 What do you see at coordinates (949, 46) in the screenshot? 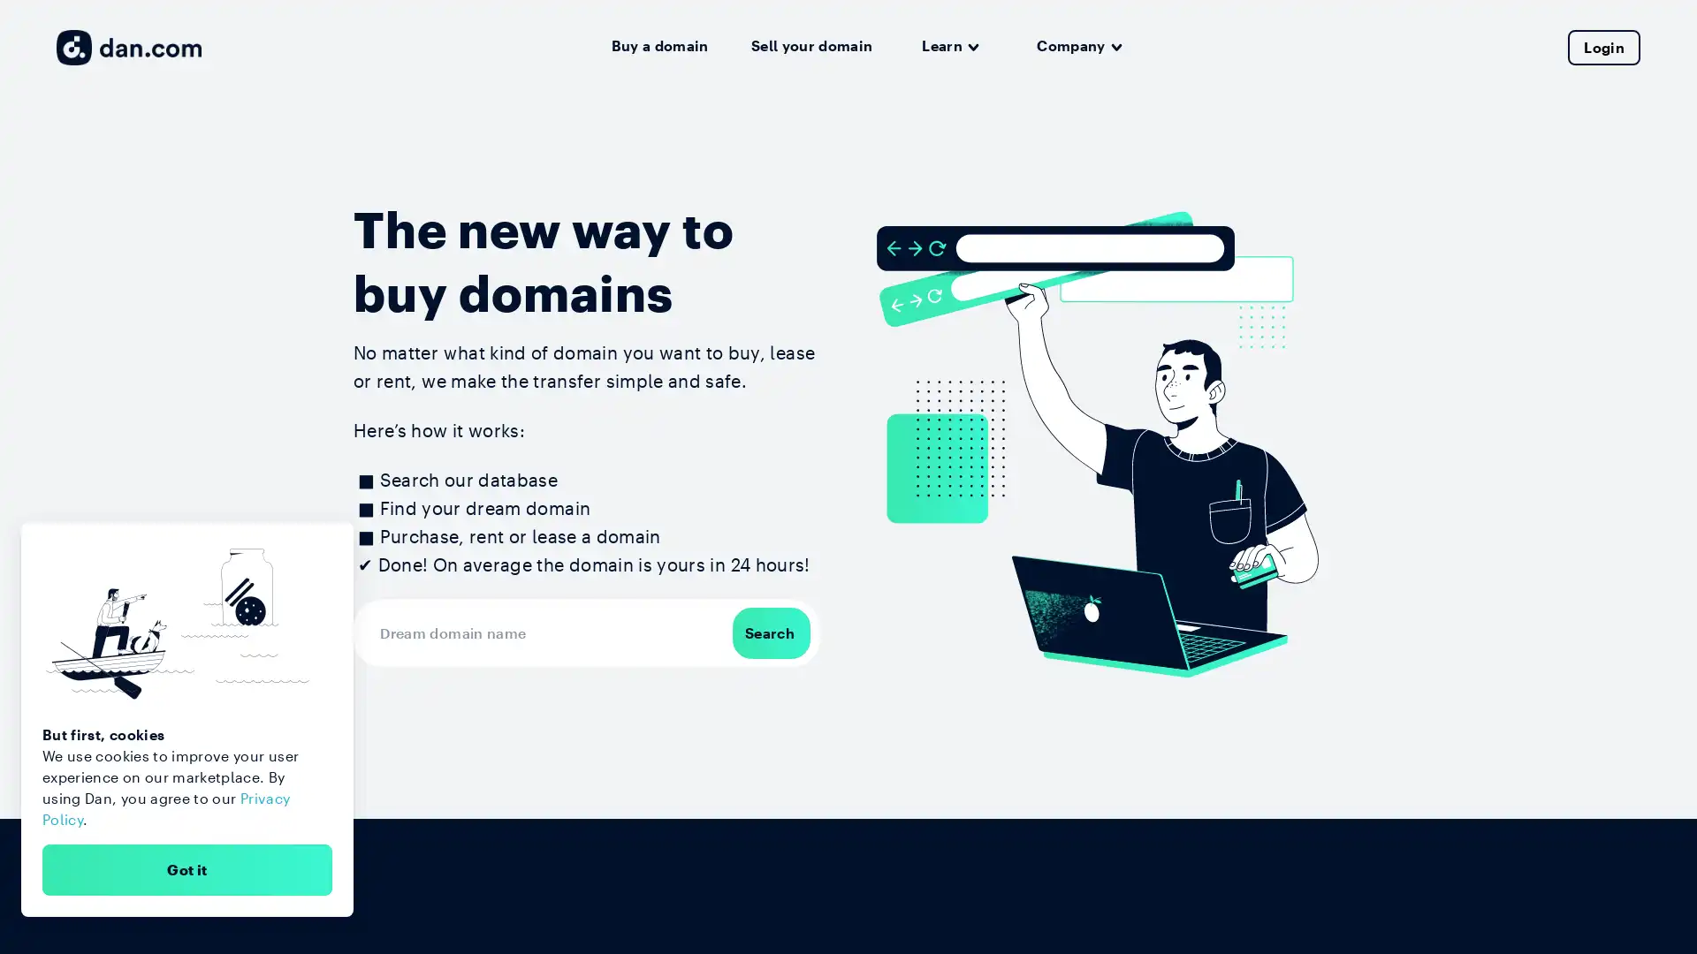
I see `Learn` at bounding box center [949, 46].